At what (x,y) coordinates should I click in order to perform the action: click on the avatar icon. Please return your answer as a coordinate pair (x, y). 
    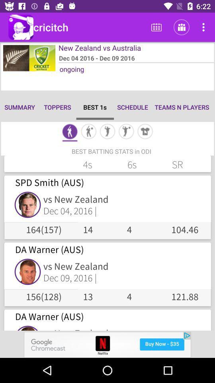
    Looking at the image, I should click on (88, 132).